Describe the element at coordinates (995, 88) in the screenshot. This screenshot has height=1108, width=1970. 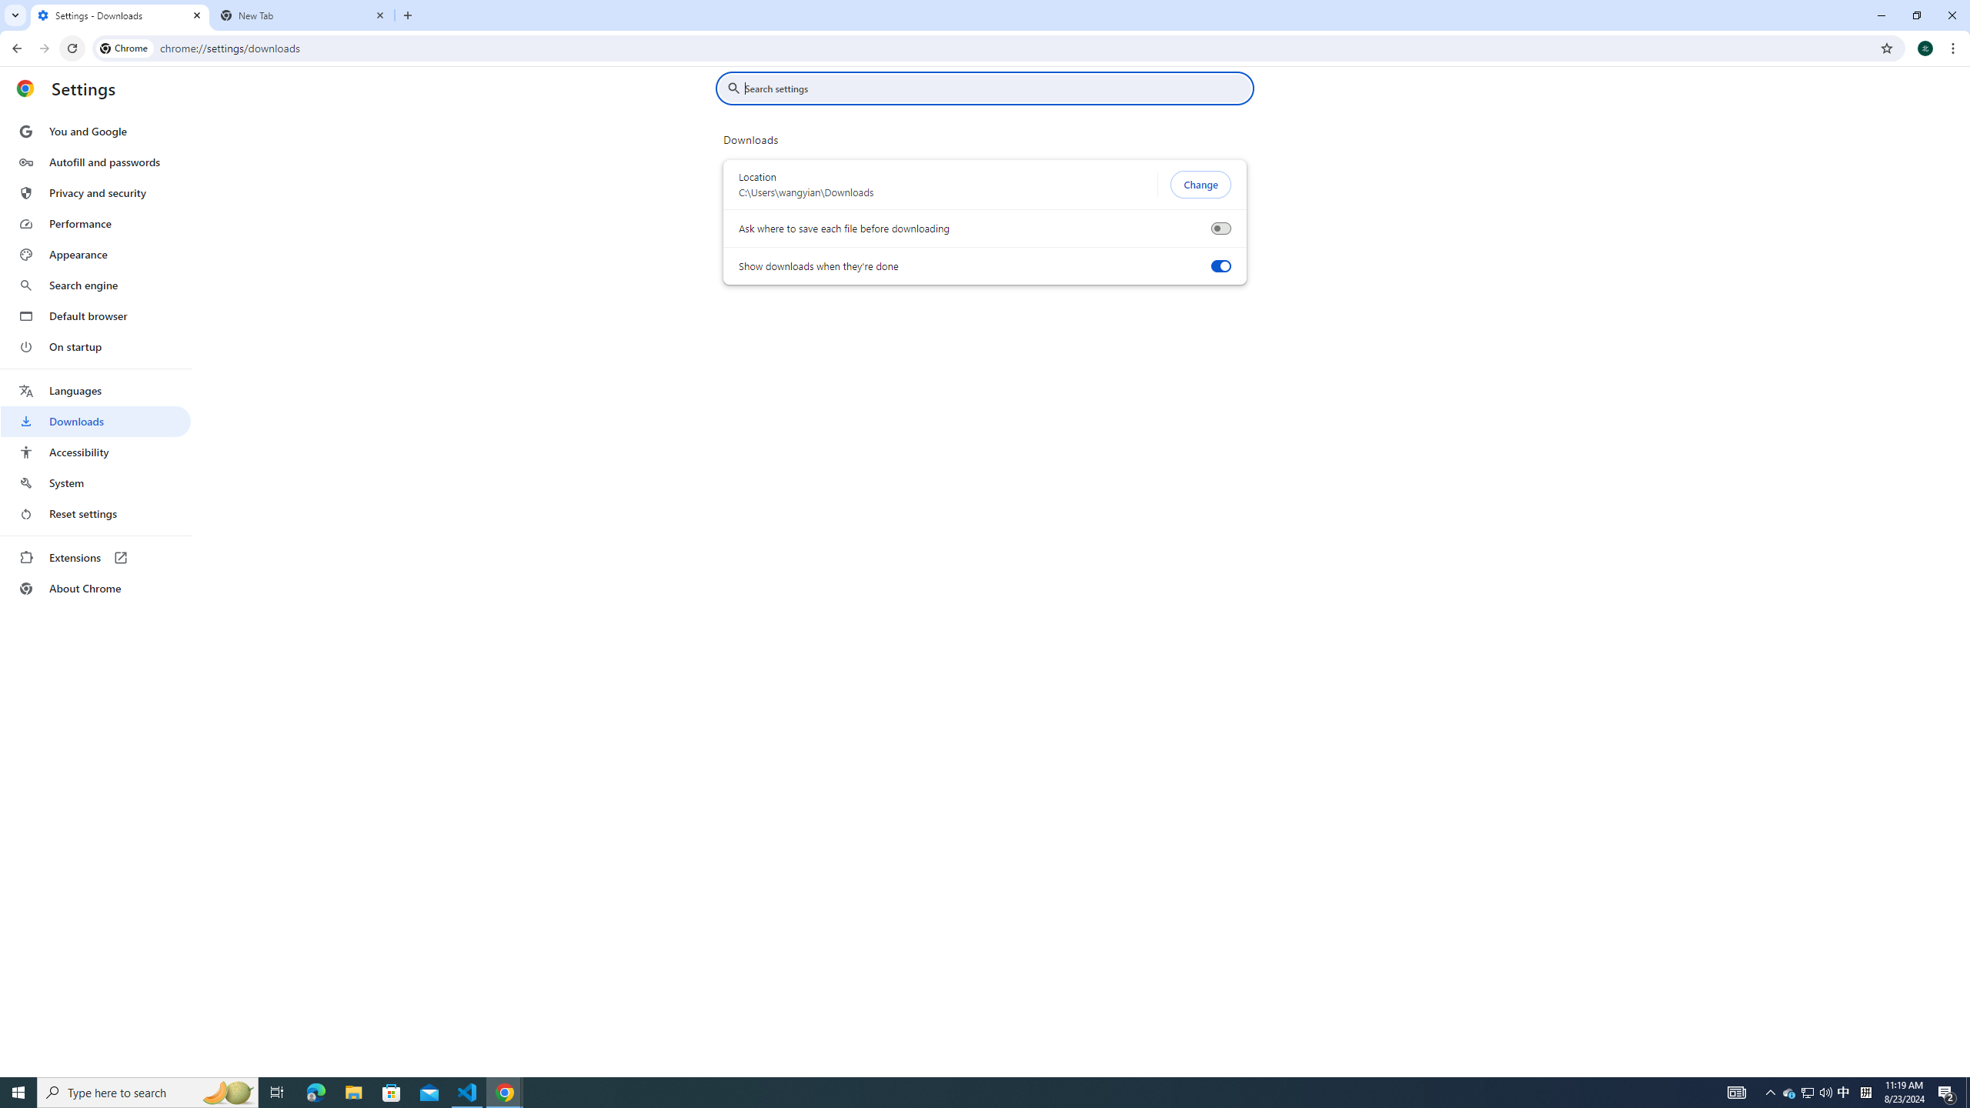
I see `'Search settings'` at that location.